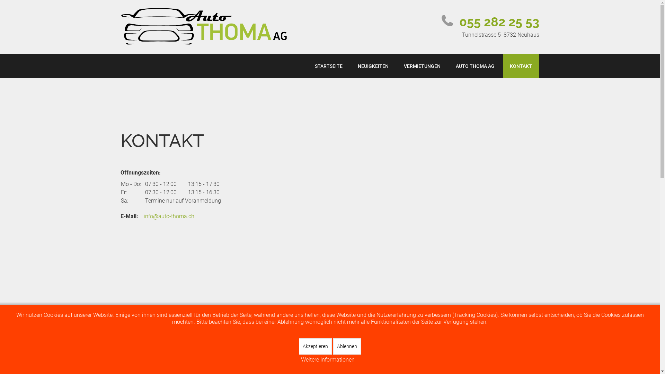  Describe the element at coordinates (327, 359) in the screenshot. I see `'Weitere Informationen'` at that location.